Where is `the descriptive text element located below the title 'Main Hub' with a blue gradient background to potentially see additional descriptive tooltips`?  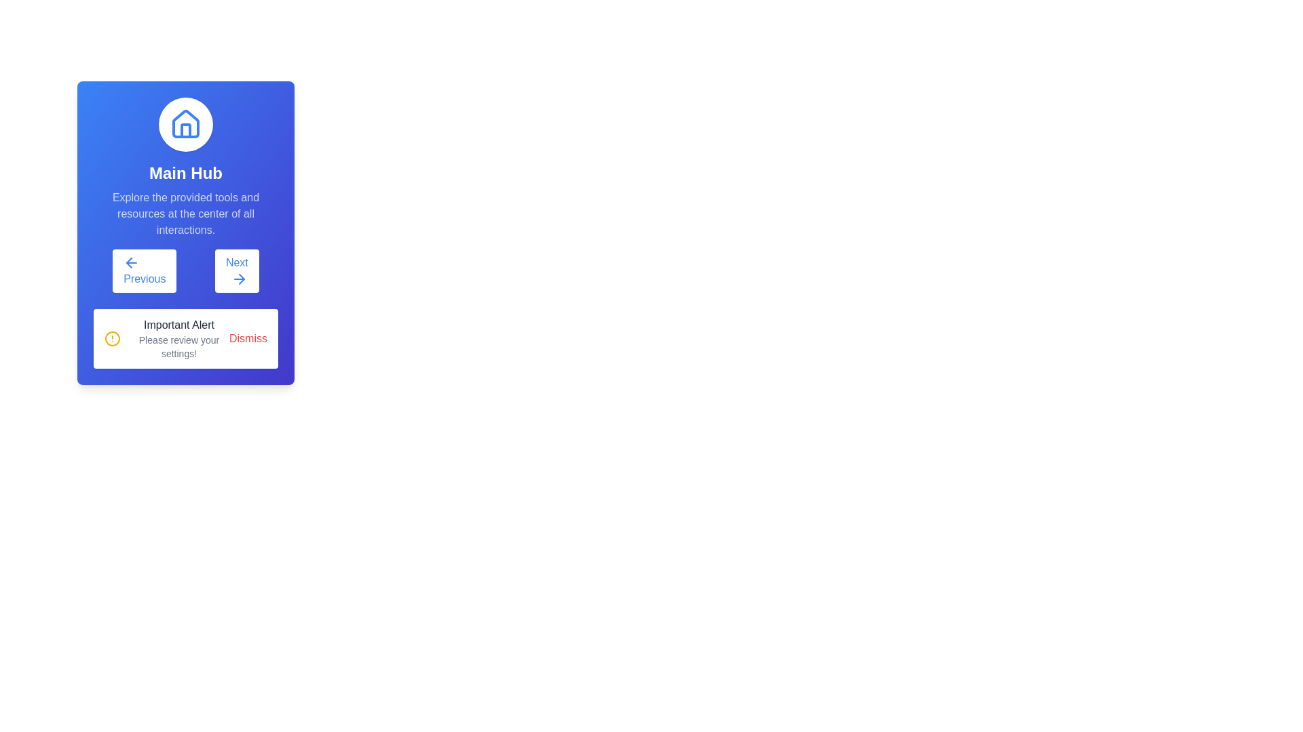 the descriptive text element located below the title 'Main Hub' with a blue gradient background to potentially see additional descriptive tooltips is located at coordinates (185, 213).